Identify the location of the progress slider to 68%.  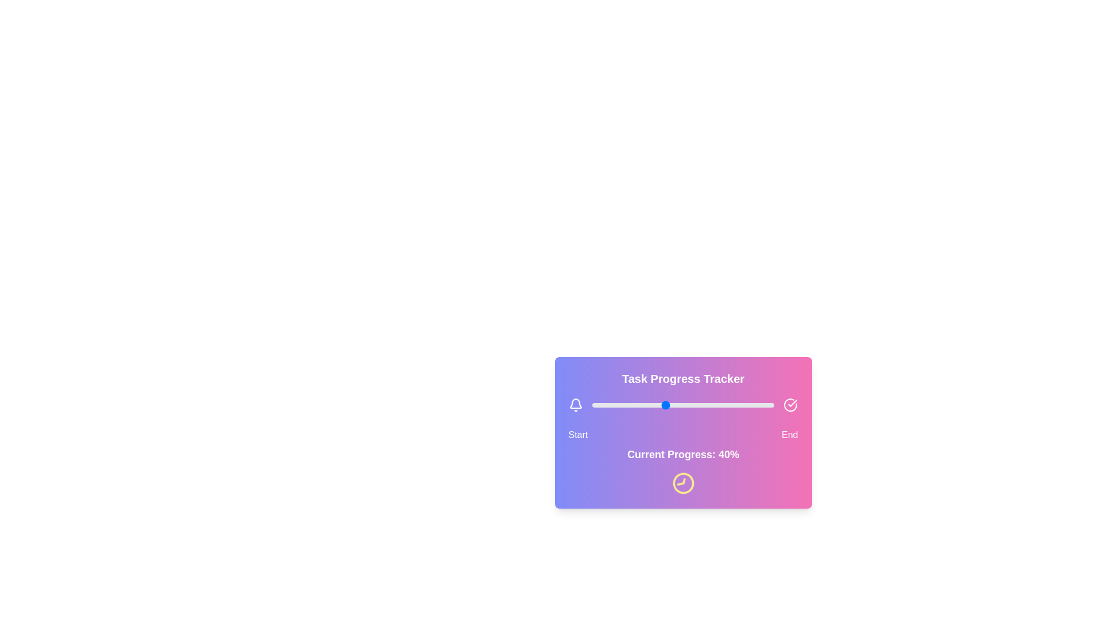
(715, 404).